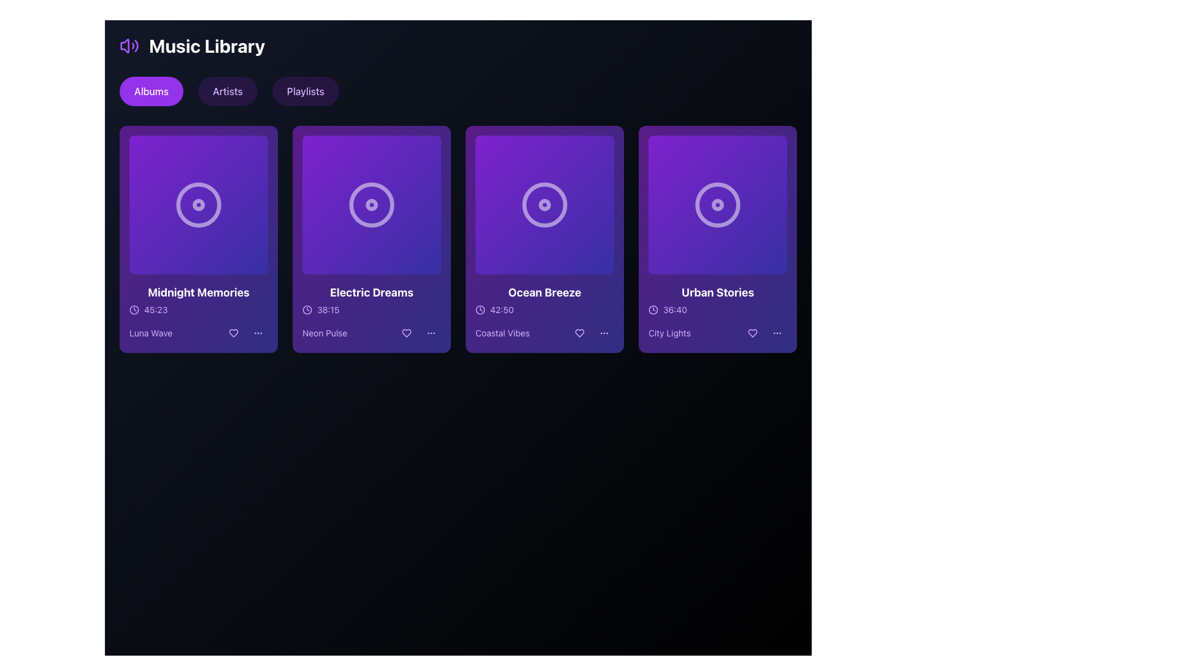 The width and height of the screenshot is (1178, 663). Describe the element at coordinates (199, 293) in the screenshot. I see `the 'Midnight Memories' label, which is styled in a bold and large white font on a purple gradient card, located on the leftmost side of the row` at that location.